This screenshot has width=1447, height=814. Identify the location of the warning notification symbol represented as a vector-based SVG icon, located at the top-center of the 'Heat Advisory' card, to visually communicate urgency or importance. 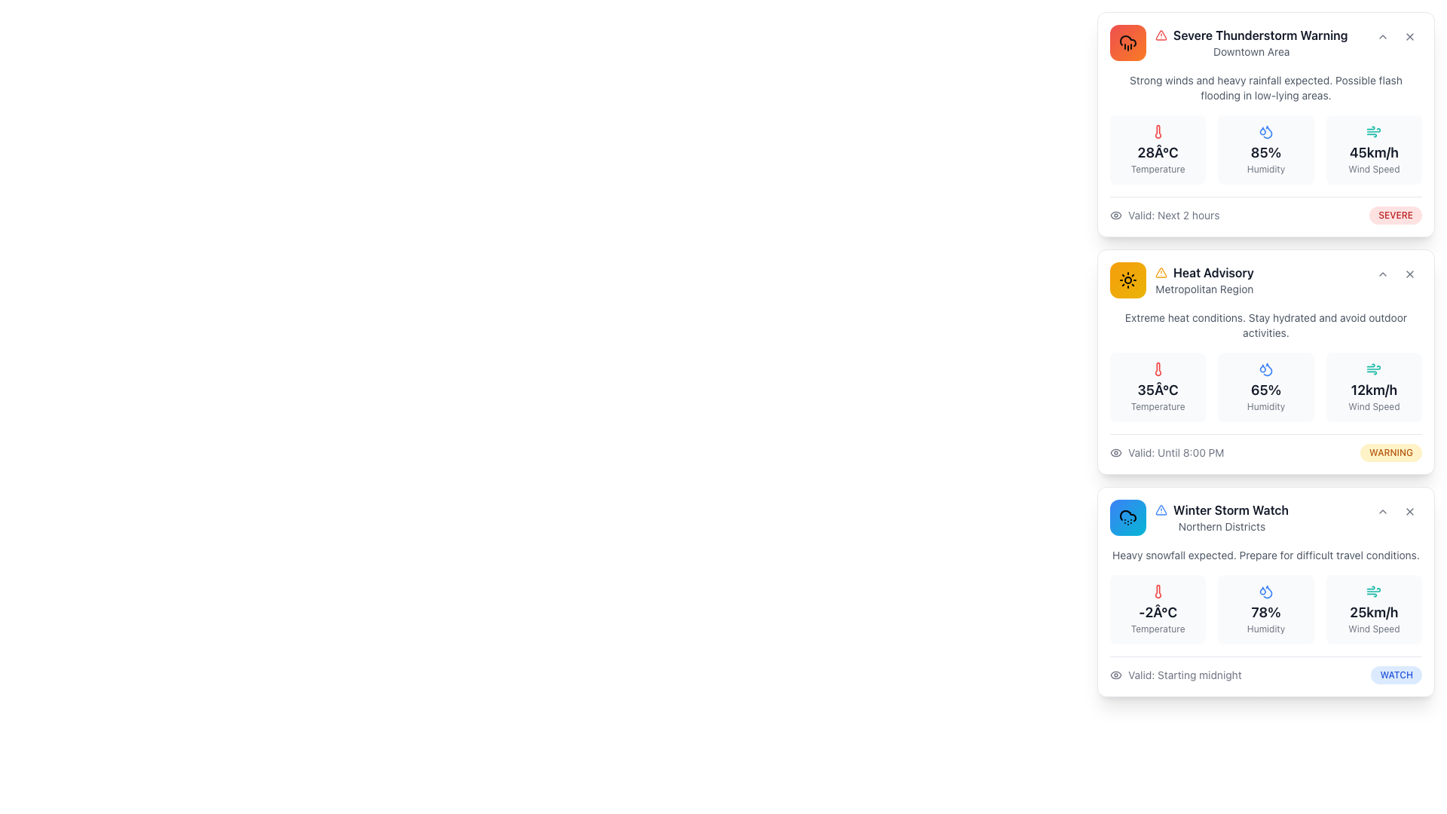
(1160, 34).